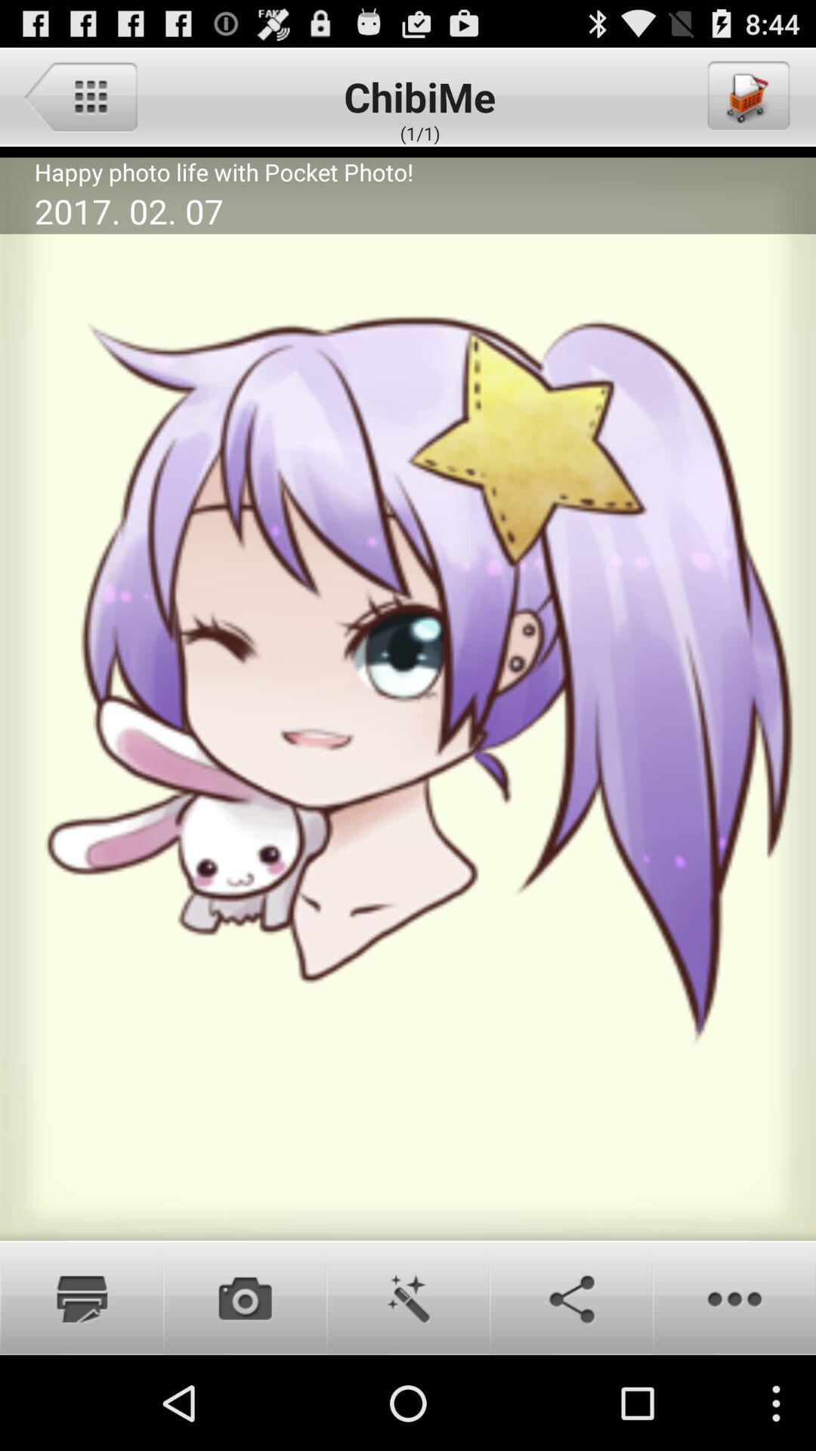 This screenshot has width=816, height=1451. I want to click on share the content, so click(571, 1297).